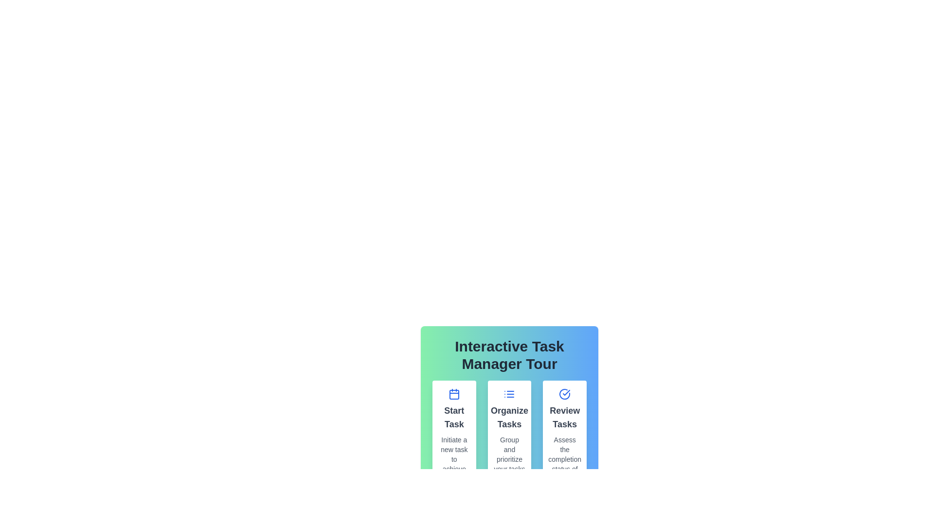  Describe the element at coordinates (453, 464) in the screenshot. I see `text element that contains 'Initiate a new task to achieve your goals.' styled in a small gray font, located below the 'Start Task' text in the first column of a three-column layout` at that location.